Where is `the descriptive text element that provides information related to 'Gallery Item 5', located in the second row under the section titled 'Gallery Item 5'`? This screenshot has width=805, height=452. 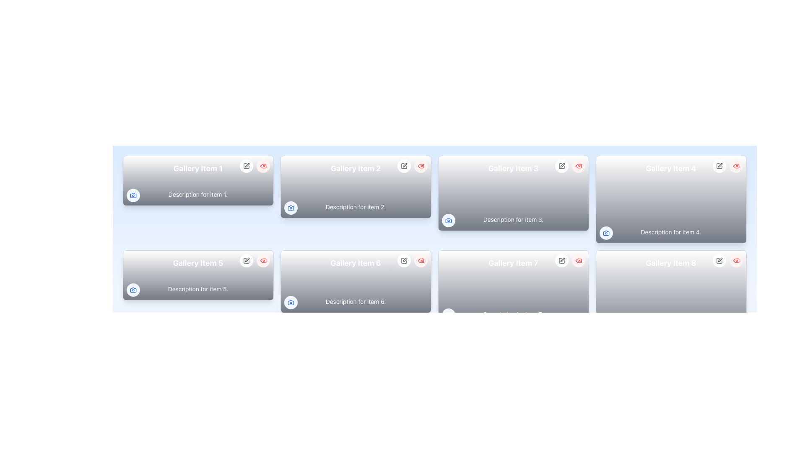 the descriptive text element that provides information related to 'Gallery Item 5', located in the second row under the section titled 'Gallery Item 5' is located at coordinates (197, 288).